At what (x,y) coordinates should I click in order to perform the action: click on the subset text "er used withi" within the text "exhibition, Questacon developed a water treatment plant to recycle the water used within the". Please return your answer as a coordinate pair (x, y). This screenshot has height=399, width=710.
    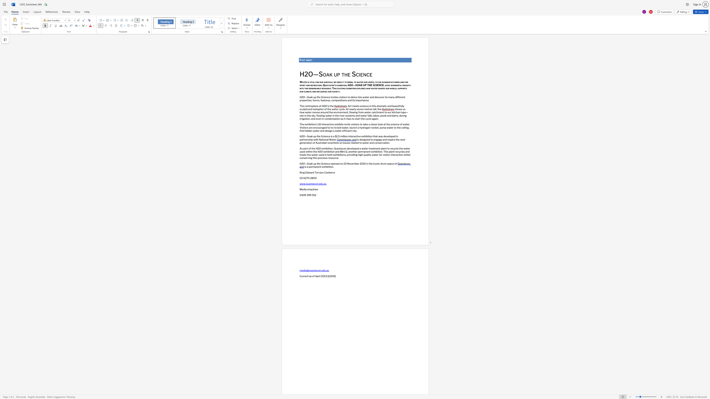
    Looking at the image, I should click on (407, 148).